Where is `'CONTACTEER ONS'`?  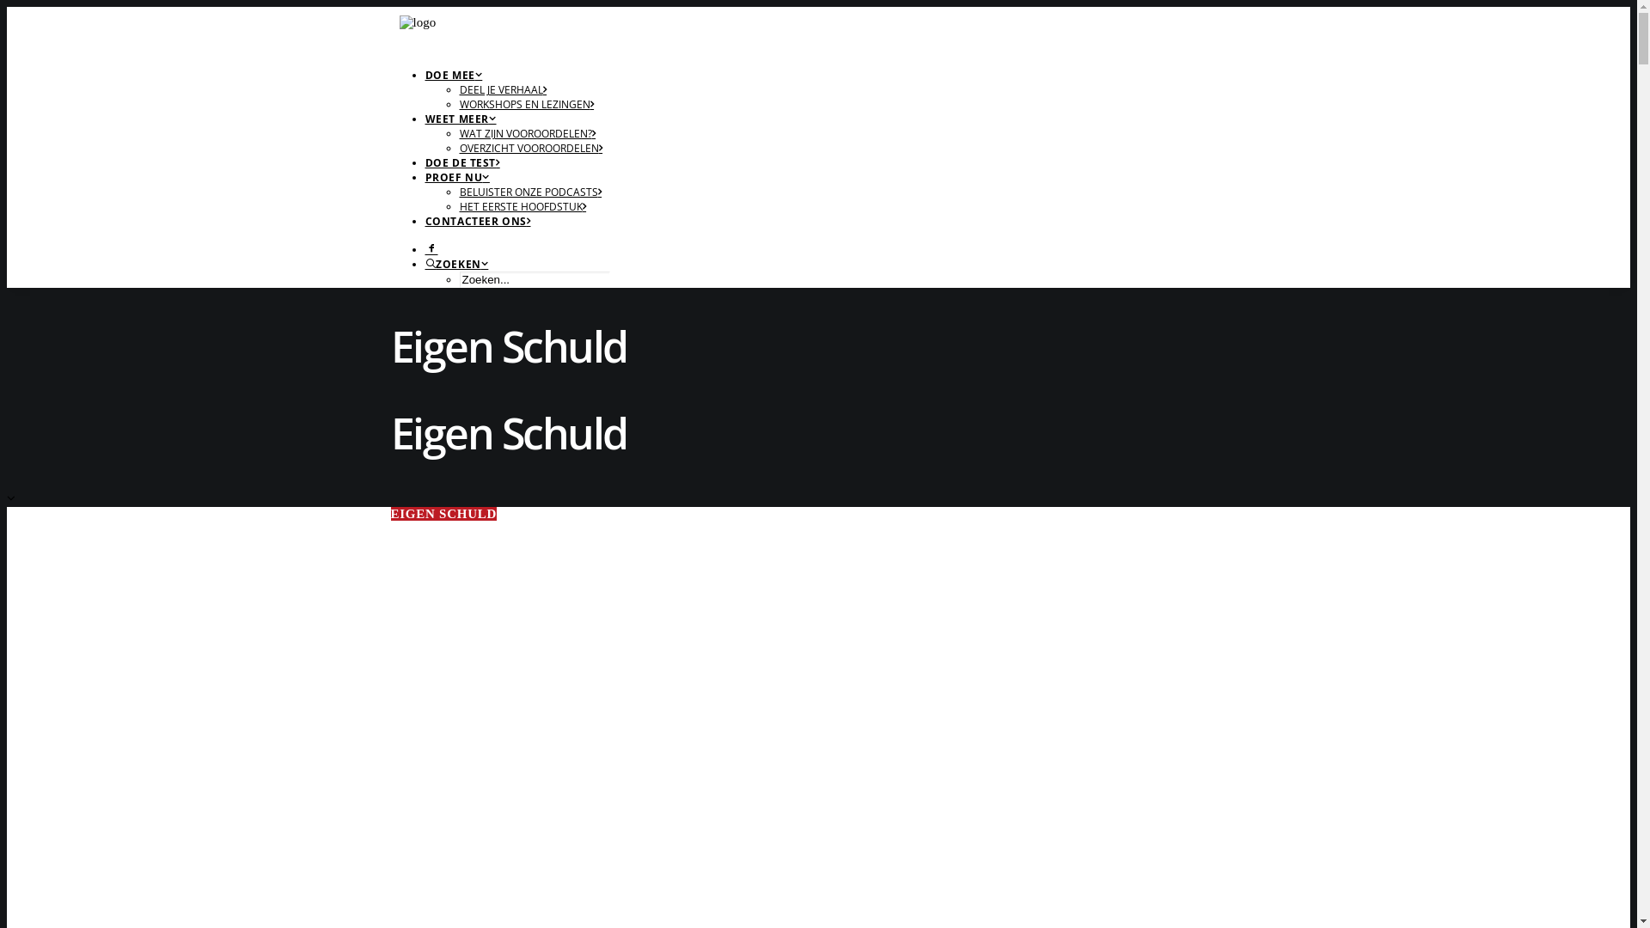 'CONTACTEER ONS' is located at coordinates (425, 220).